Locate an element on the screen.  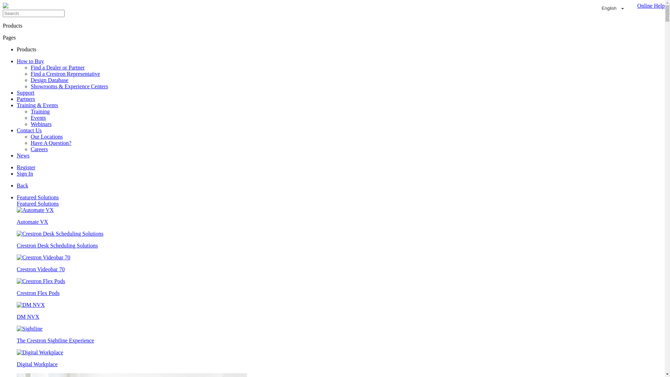
'News' is located at coordinates (23, 155).